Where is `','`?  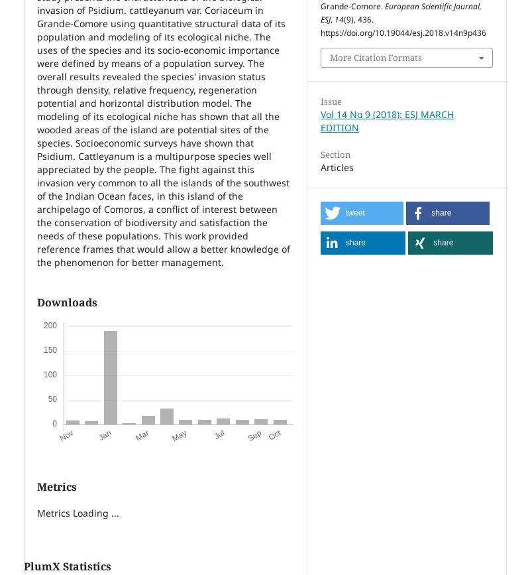 ',' is located at coordinates (331, 19).